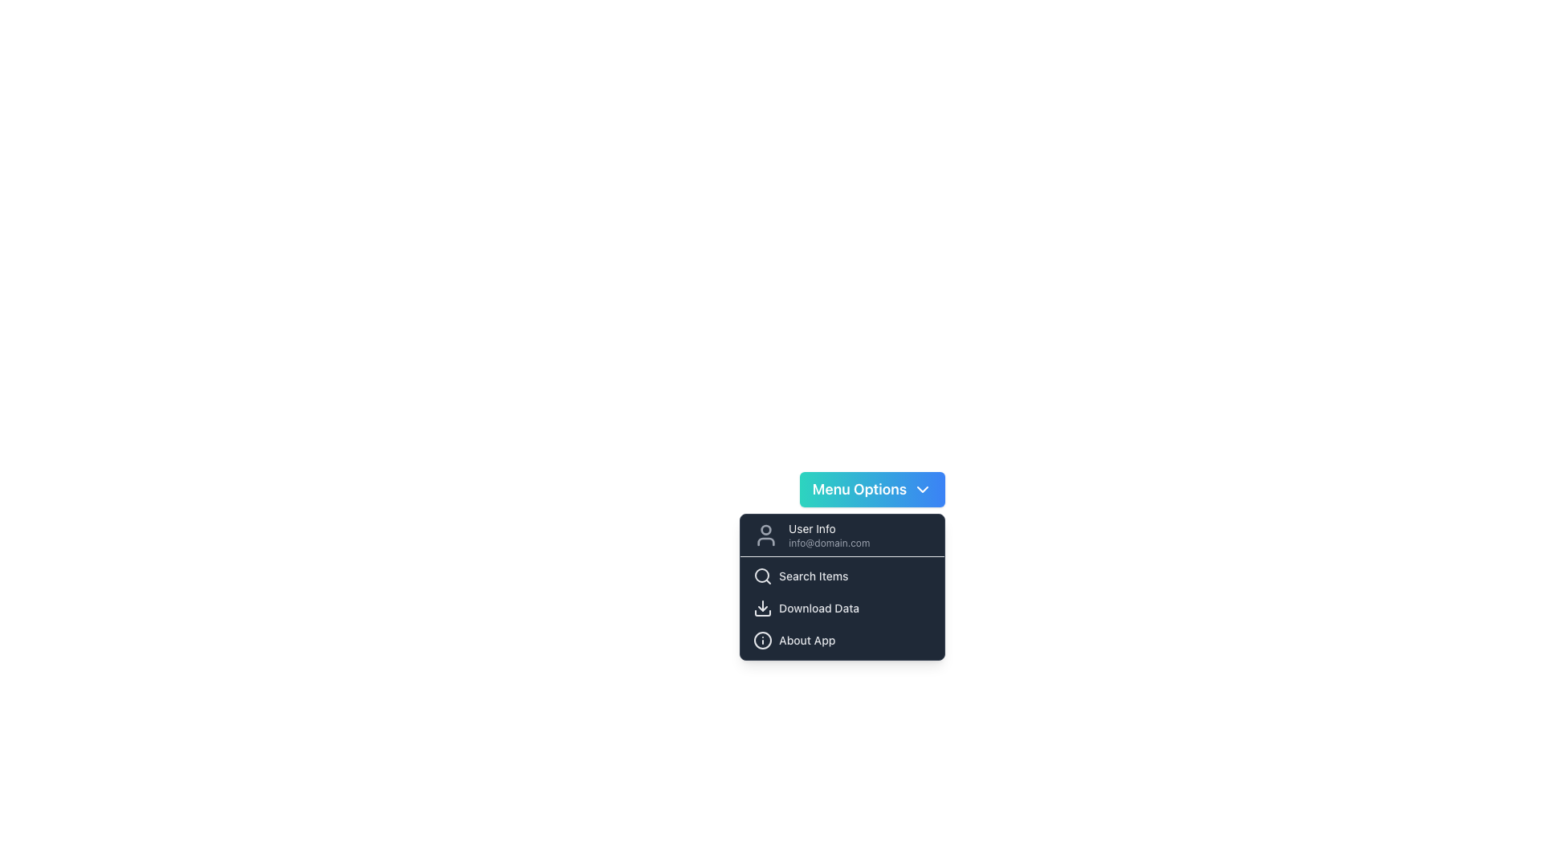 The image size is (1542, 867). What do you see at coordinates (871, 488) in the screenshot?
I see `the 'Menu Options' dropdown toggle button with a teal to blue gradient background` at bounding box center [871, 488].